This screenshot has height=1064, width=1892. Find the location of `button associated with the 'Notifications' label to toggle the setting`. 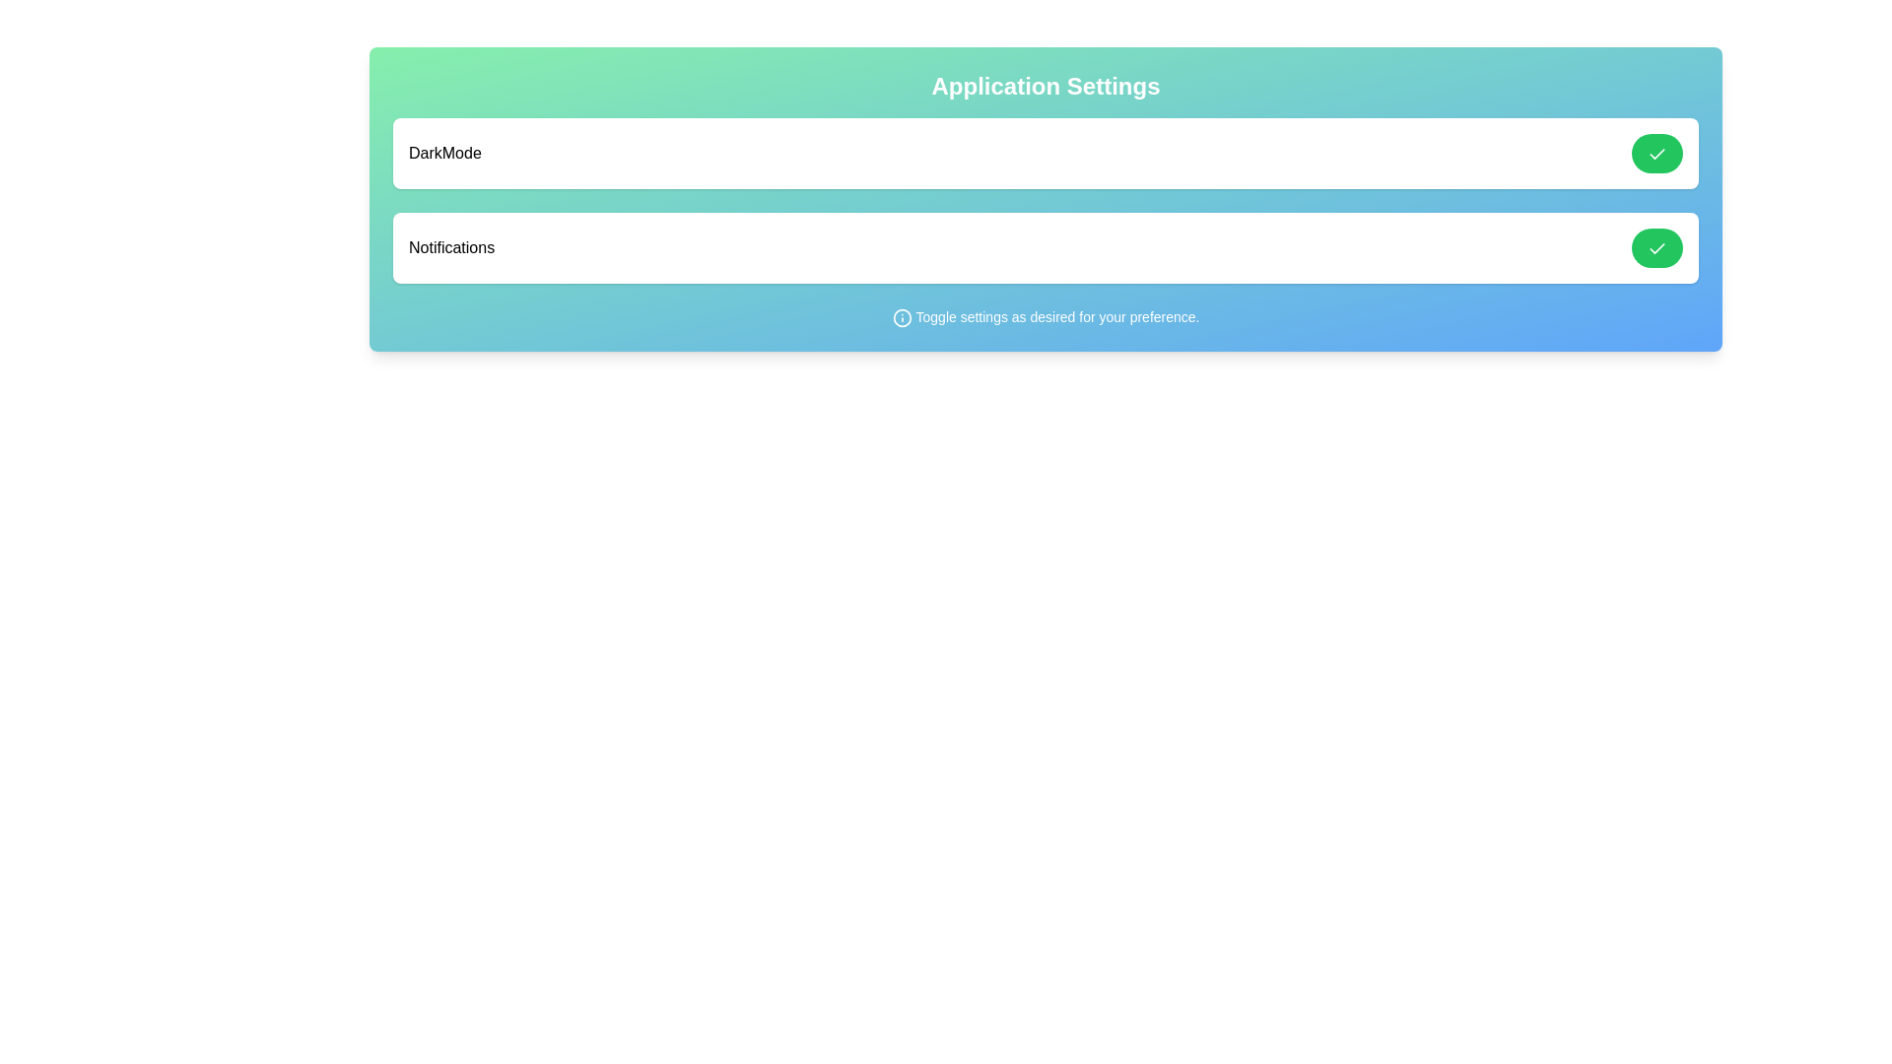

button associated with the 'Notifications' label to toggle the setting is located at coordinates (1655, 246).